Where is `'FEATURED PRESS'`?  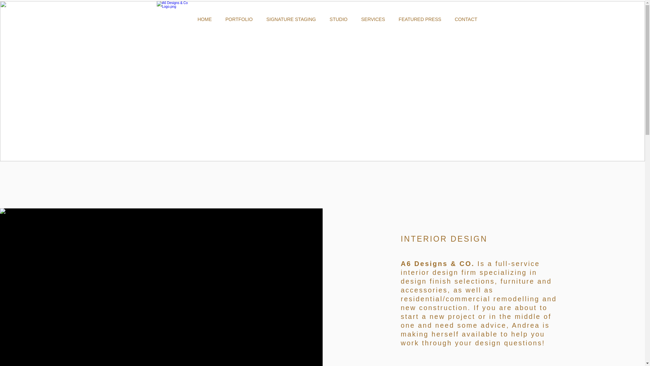 'FEATURED PRESS' is located at coordinates (420, 19).